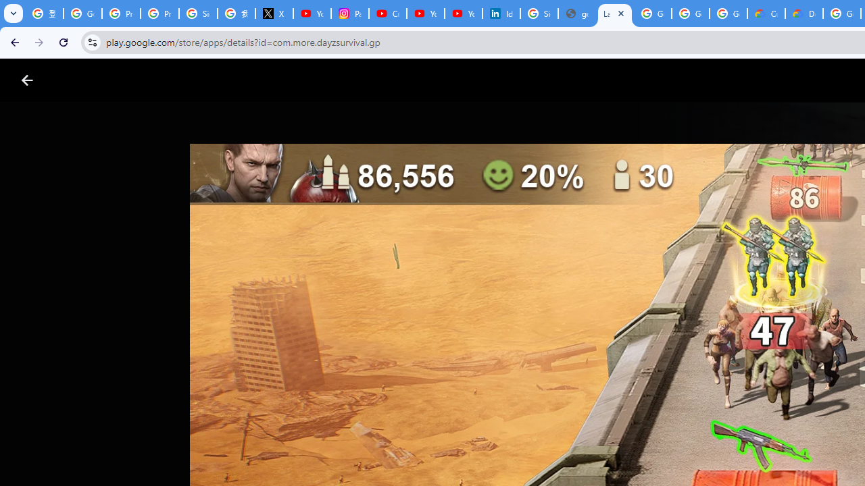 This screenshot has width=865, height=486. I want to click on 'Sign in - Google Accounts', so click(539, 13).